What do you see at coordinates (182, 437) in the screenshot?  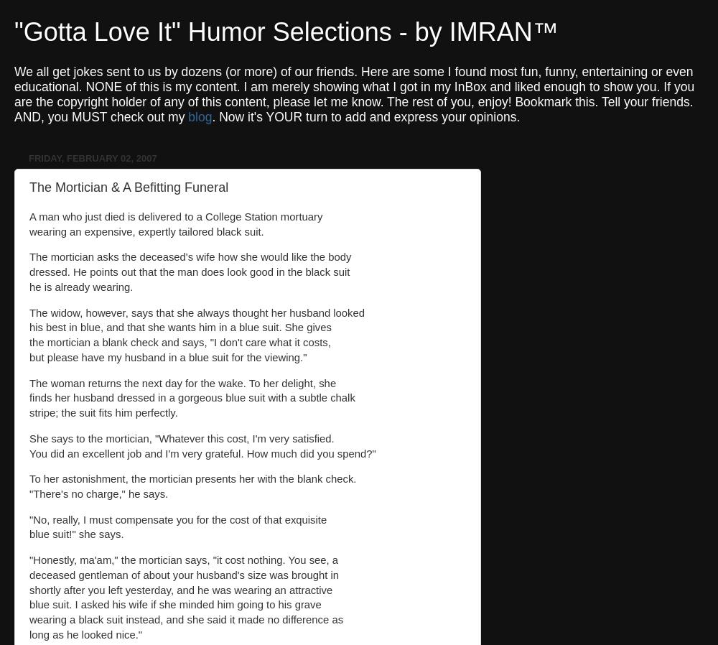 I see `'She says to the mortician, "Whatever this cost, I'm very satisfied.'` at bounding box center [182, 437].